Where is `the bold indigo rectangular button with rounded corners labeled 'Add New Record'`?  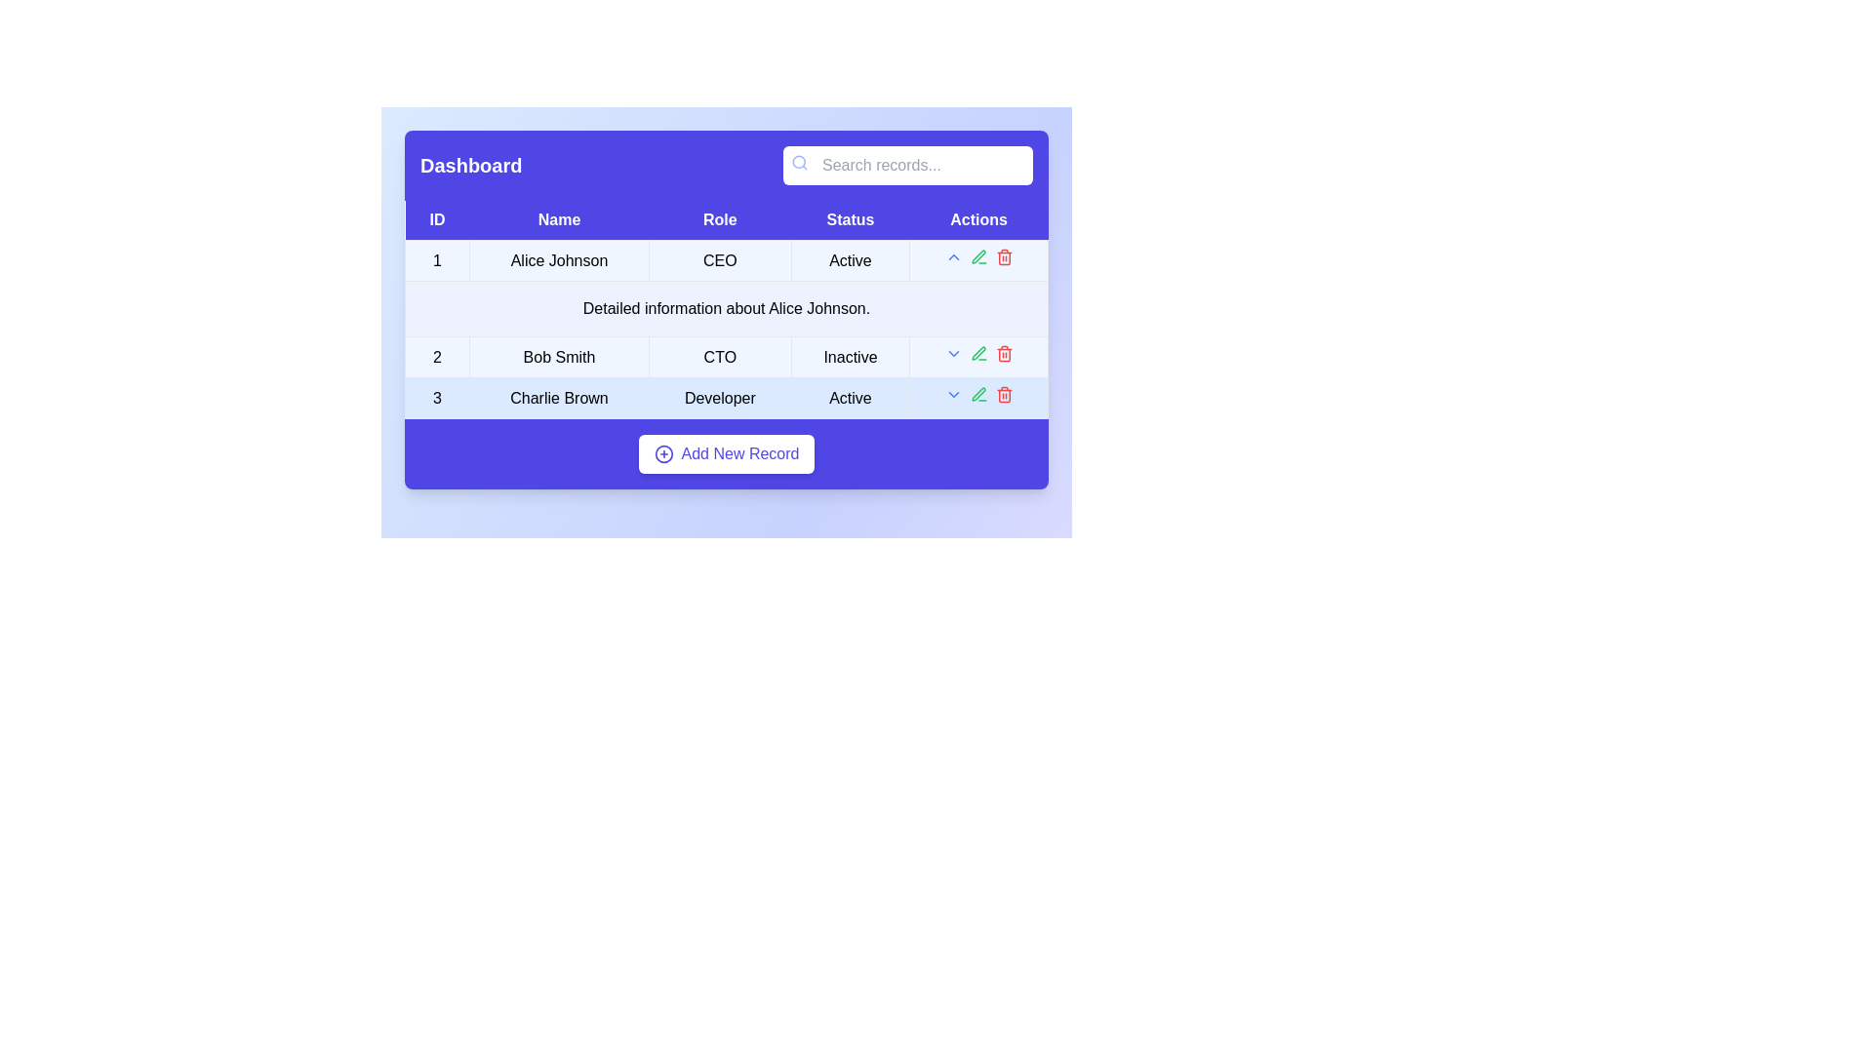
the bold indigo rectangular button with rounded corners labeled 'Add New Record' is located at coordinates (725, 454).